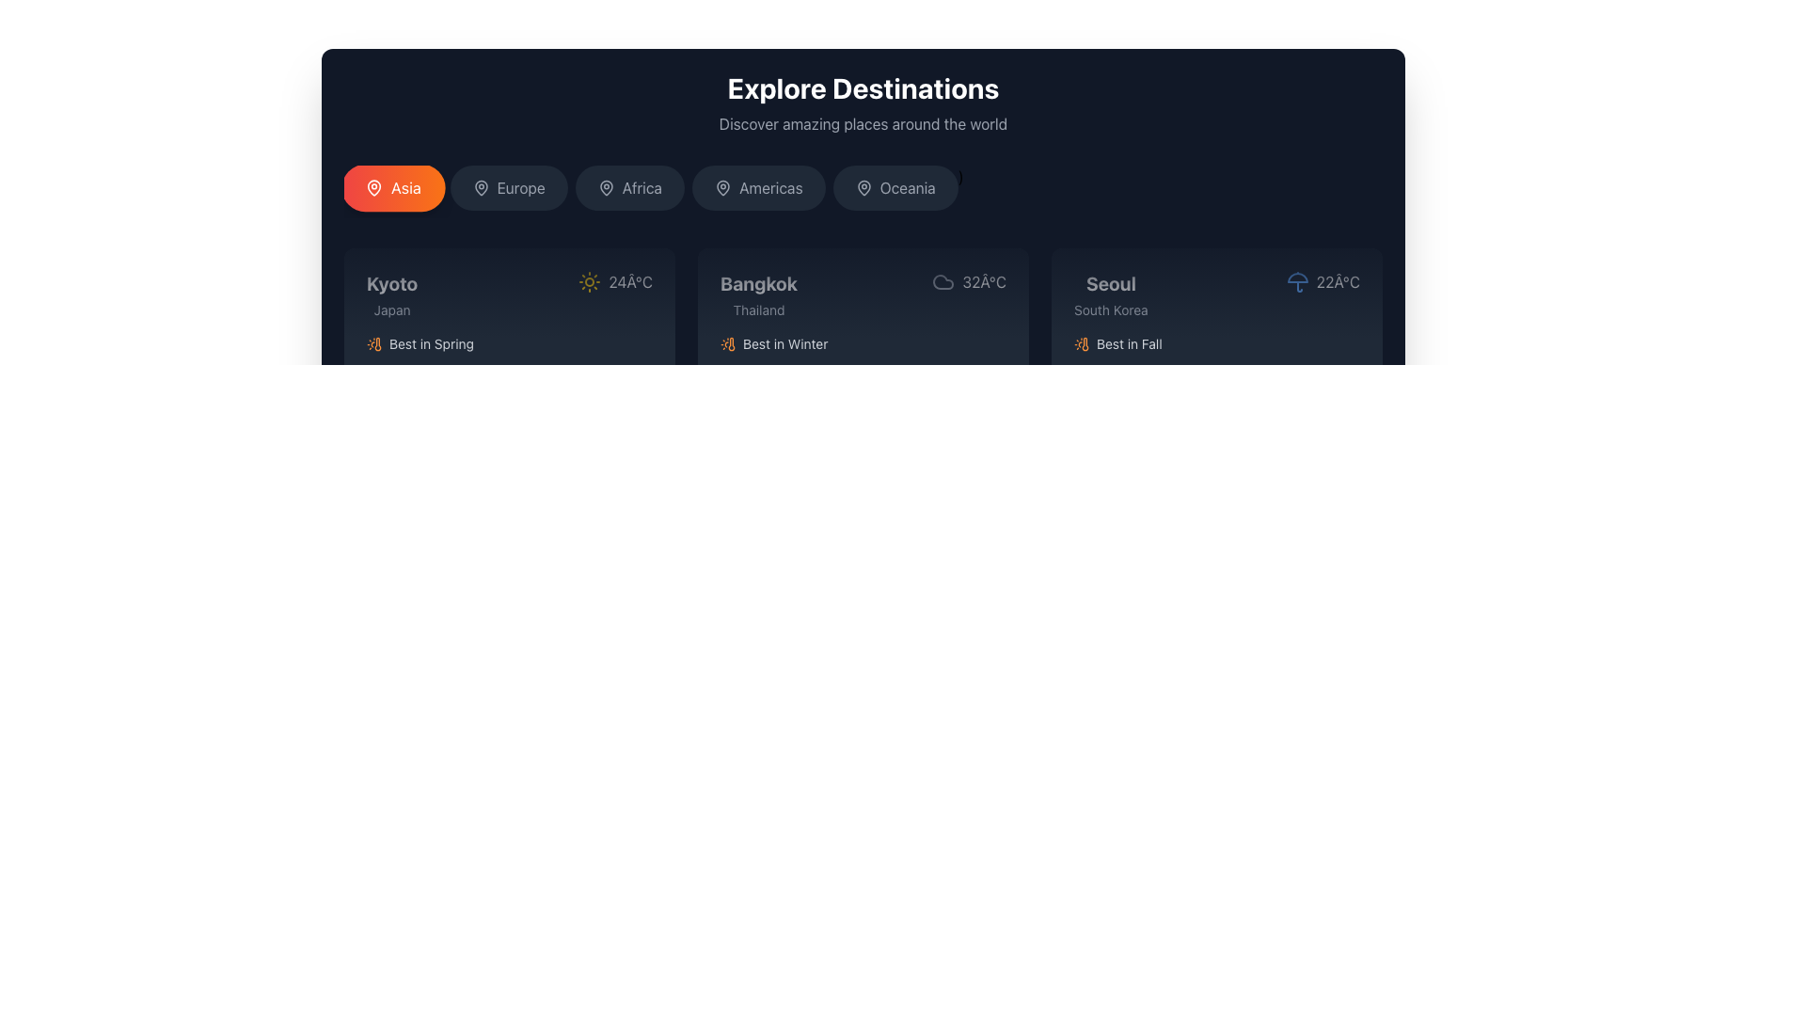  I want to click on the small gray map pin icon located inside the 'Americas' button on the navigation bar, positioned towards the left side of the button, so click(721, 188).